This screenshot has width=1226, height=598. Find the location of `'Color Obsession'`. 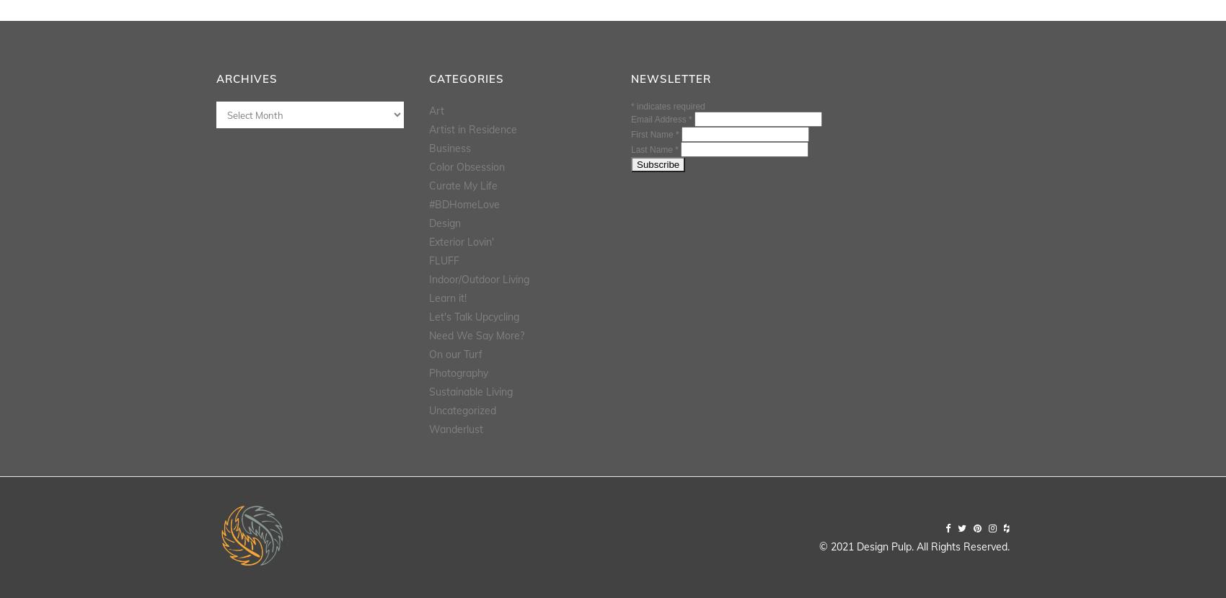

'Color Obsession' is located at coordinates (428, 166).